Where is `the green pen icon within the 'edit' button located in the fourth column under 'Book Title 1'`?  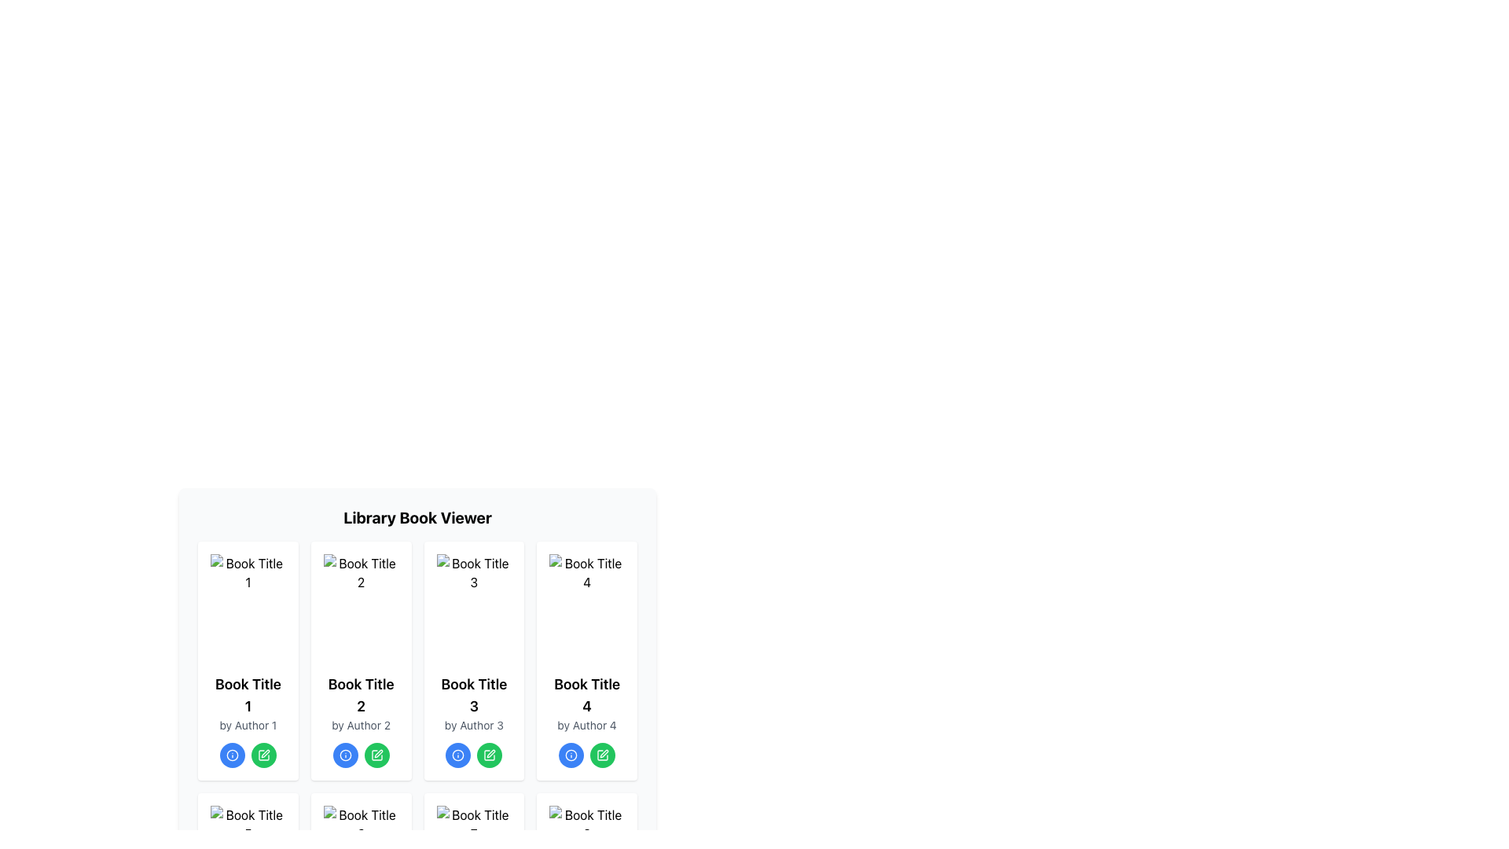 the green pen icon within the 'edit' button located in the fourth column under 'Book Title 1' is located at coordinates (263, 754).